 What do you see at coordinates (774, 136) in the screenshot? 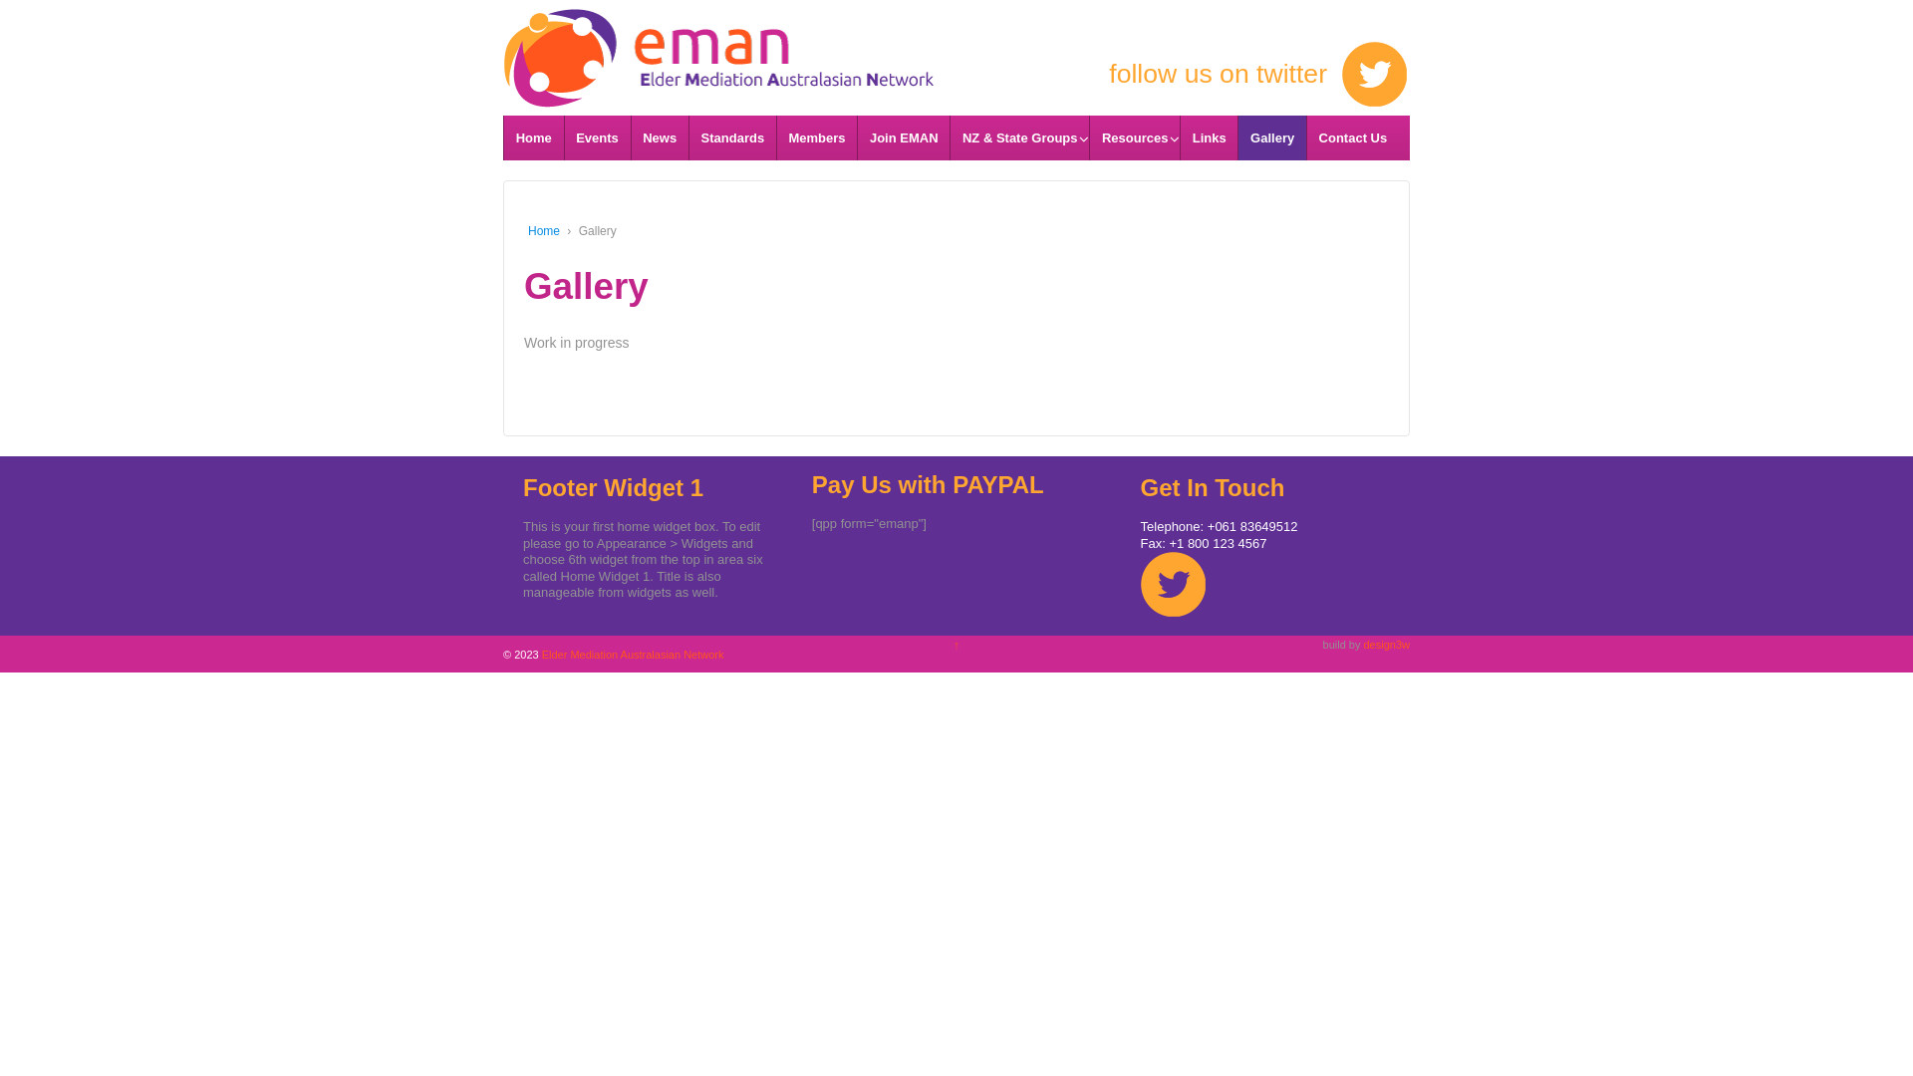
I see `'Members'` at bounding box center [774, 136].